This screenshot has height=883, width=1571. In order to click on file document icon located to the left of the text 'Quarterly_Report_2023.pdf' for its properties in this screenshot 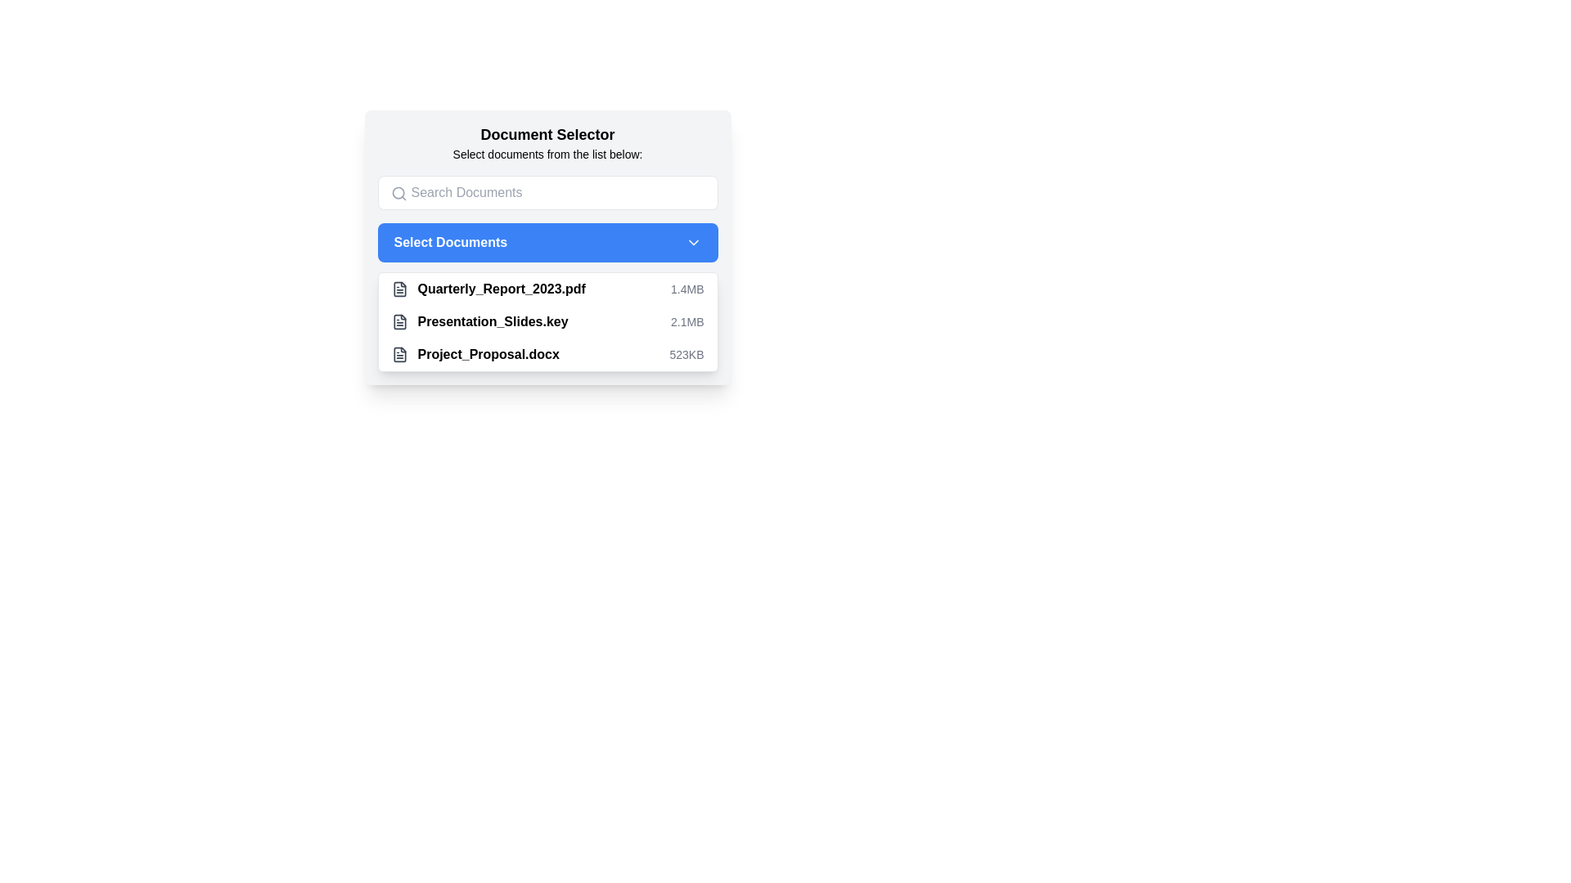, I will do `click(399, 289)`.